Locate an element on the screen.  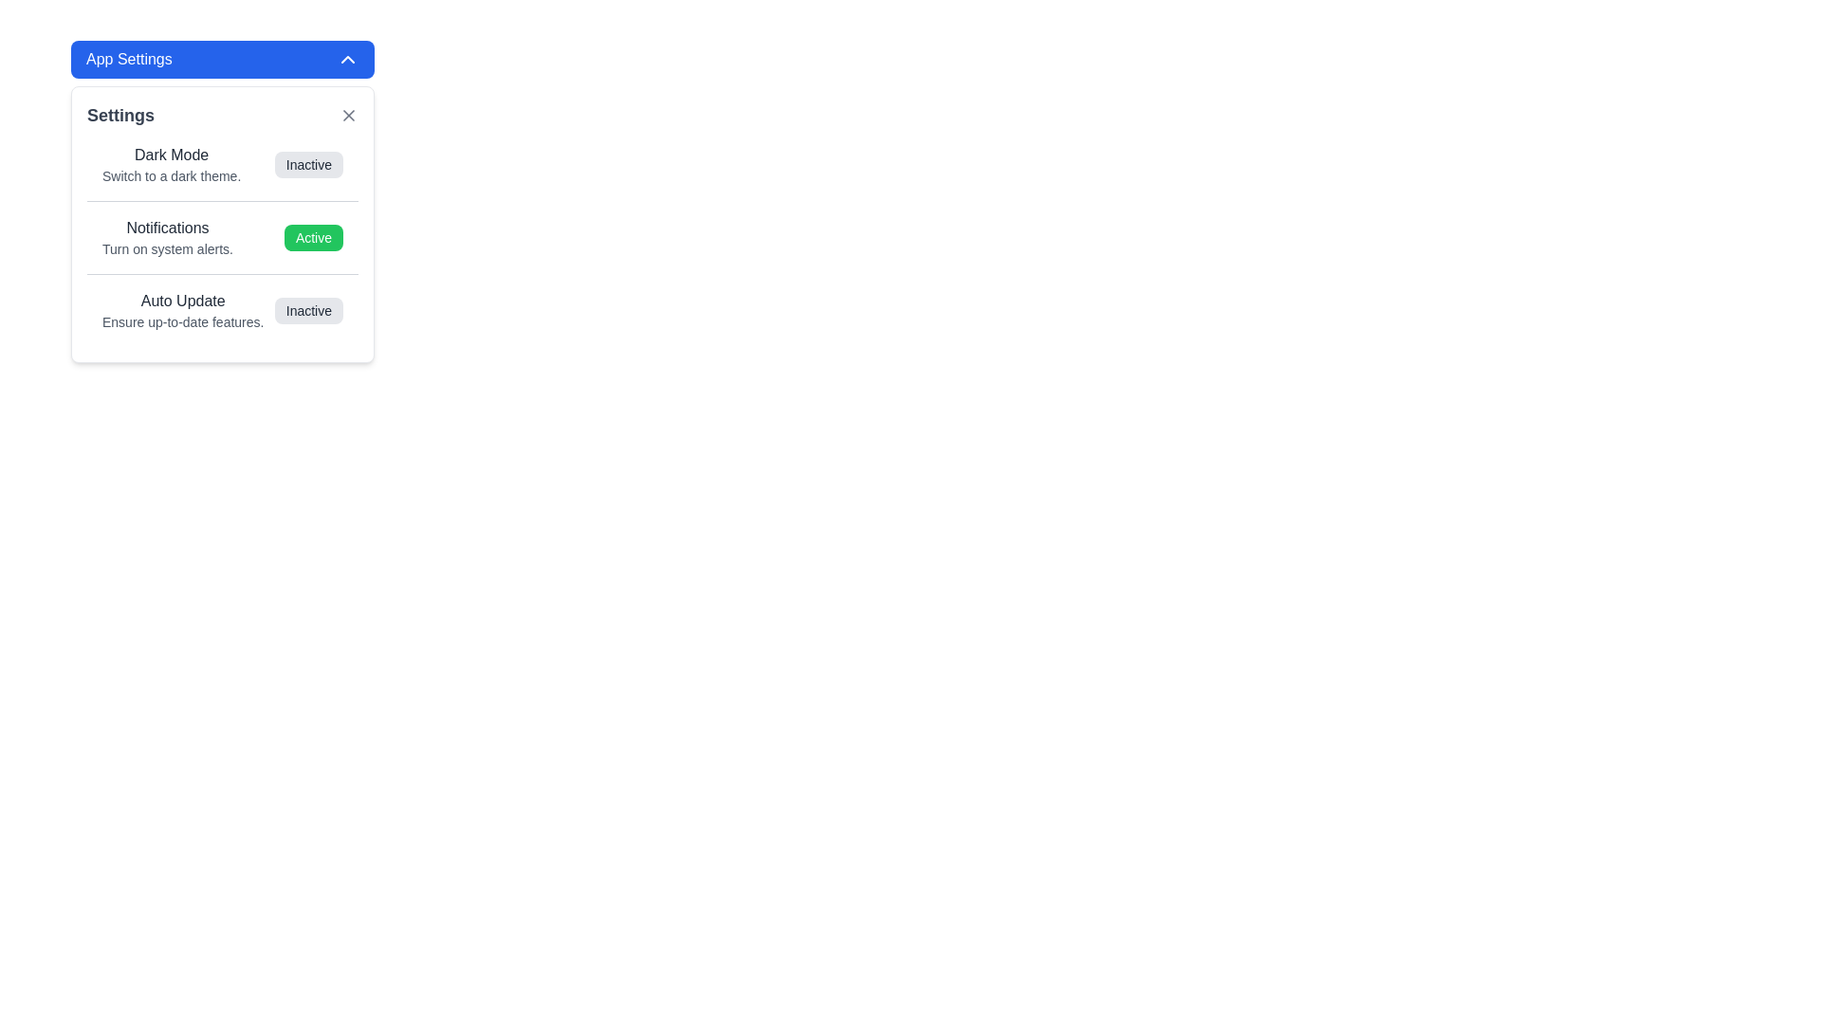
the 'Settings' vertical list component is located at coordinates (223, 236).